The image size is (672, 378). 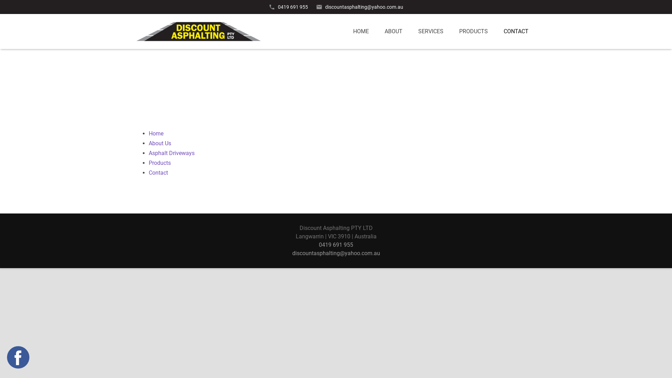 What do you see at coordinates (364, 7) in the screenshot?
I see `'discountasphalting@yahoo.com.au'` at bounding box center [364, 7].